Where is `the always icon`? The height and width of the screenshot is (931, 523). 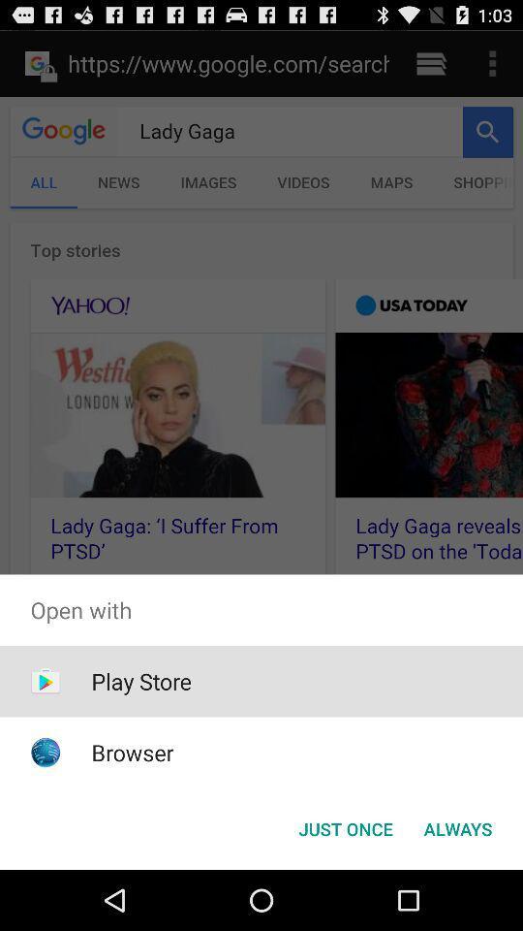
the always icon is located at coordinates (457, 827).